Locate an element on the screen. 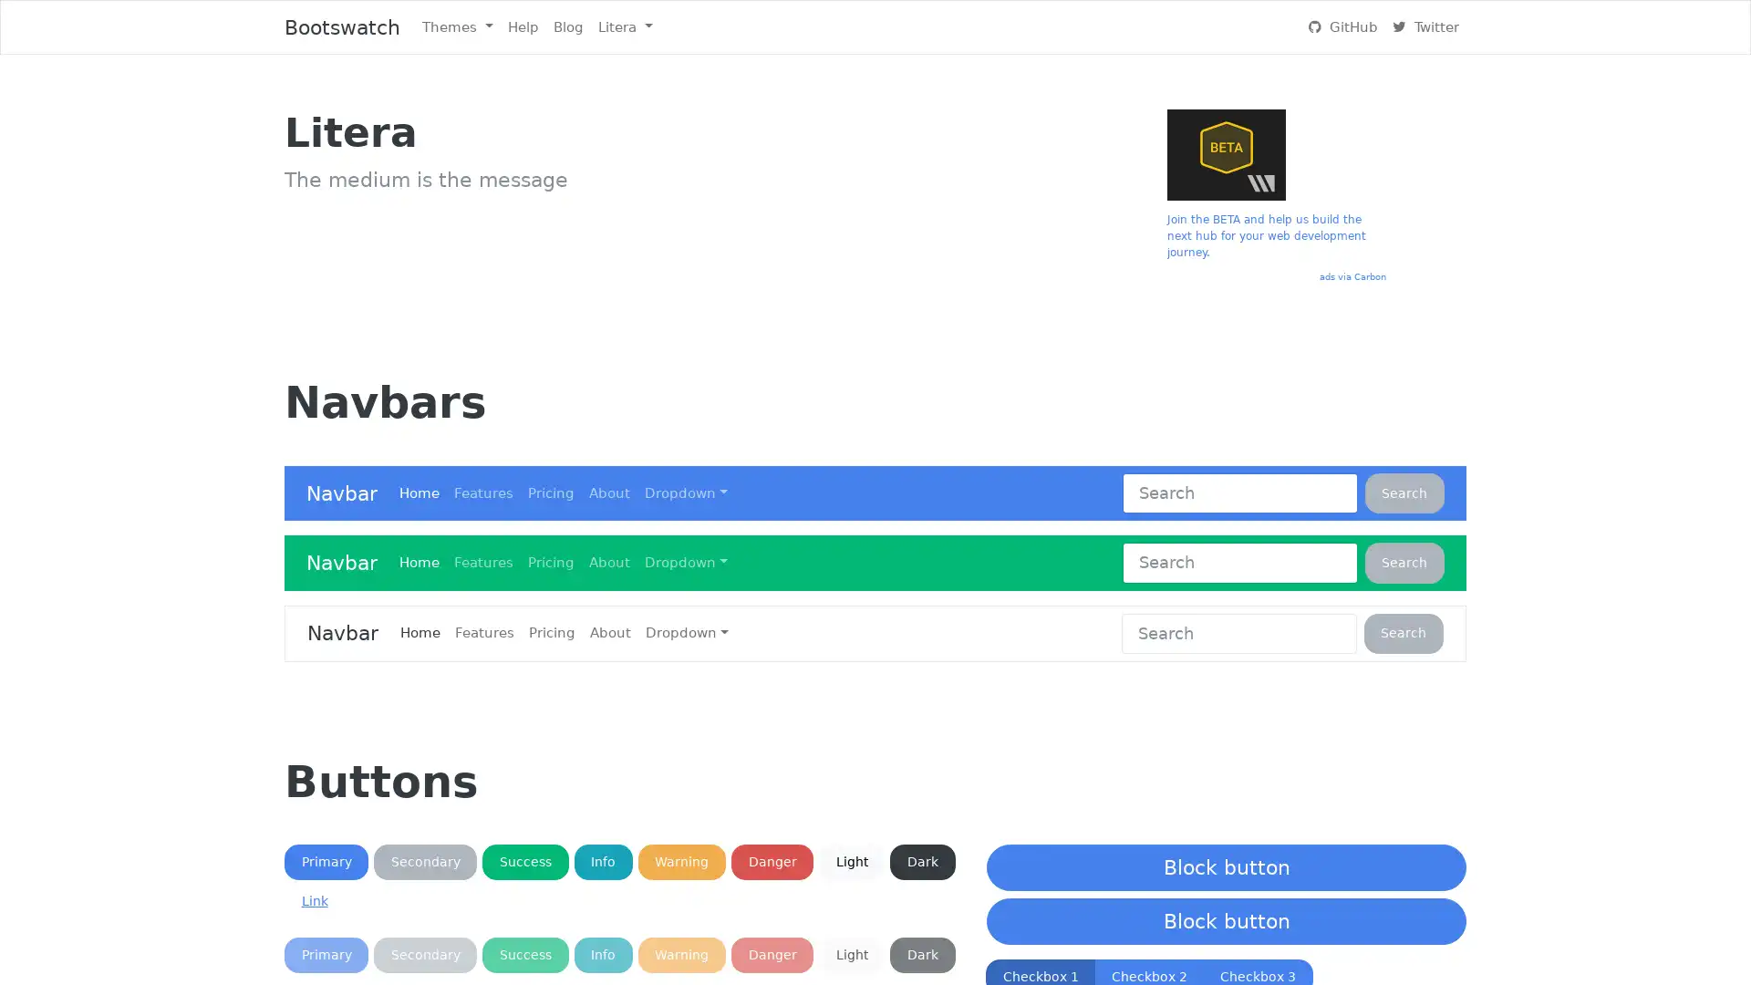 This screenshot has width=1751, height=985. Search is located at coordinates (1403, 632).